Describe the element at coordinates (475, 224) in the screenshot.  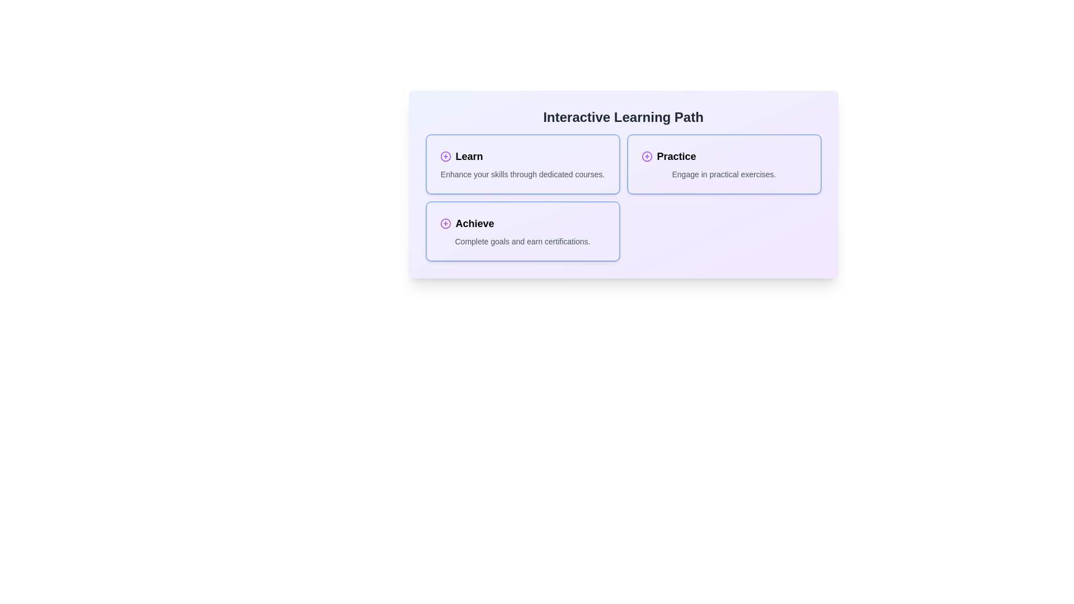
I see `the 'Achieve' text element, which is styled in bold and is positioned in a light purple card, adjacent to a plus icon` at that location.